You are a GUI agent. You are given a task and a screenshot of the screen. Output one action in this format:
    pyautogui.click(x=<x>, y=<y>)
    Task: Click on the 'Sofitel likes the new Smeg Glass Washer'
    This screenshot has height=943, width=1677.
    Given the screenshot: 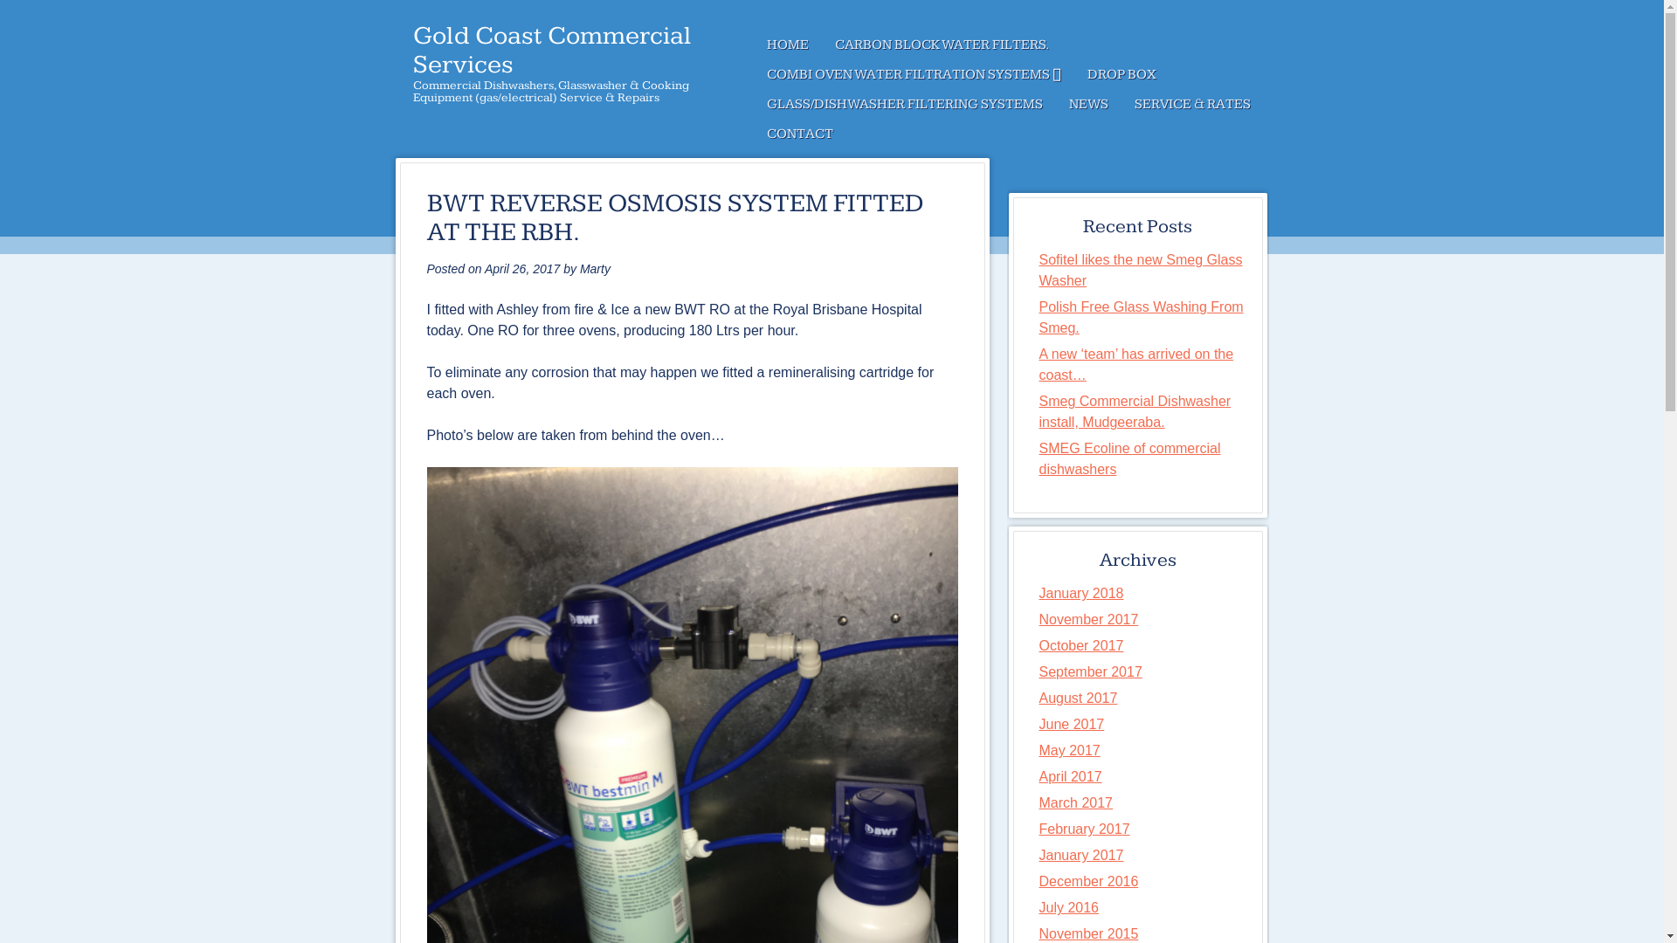 What is the action you would take?
    pyautogui.click(x=1141, y=270)
    